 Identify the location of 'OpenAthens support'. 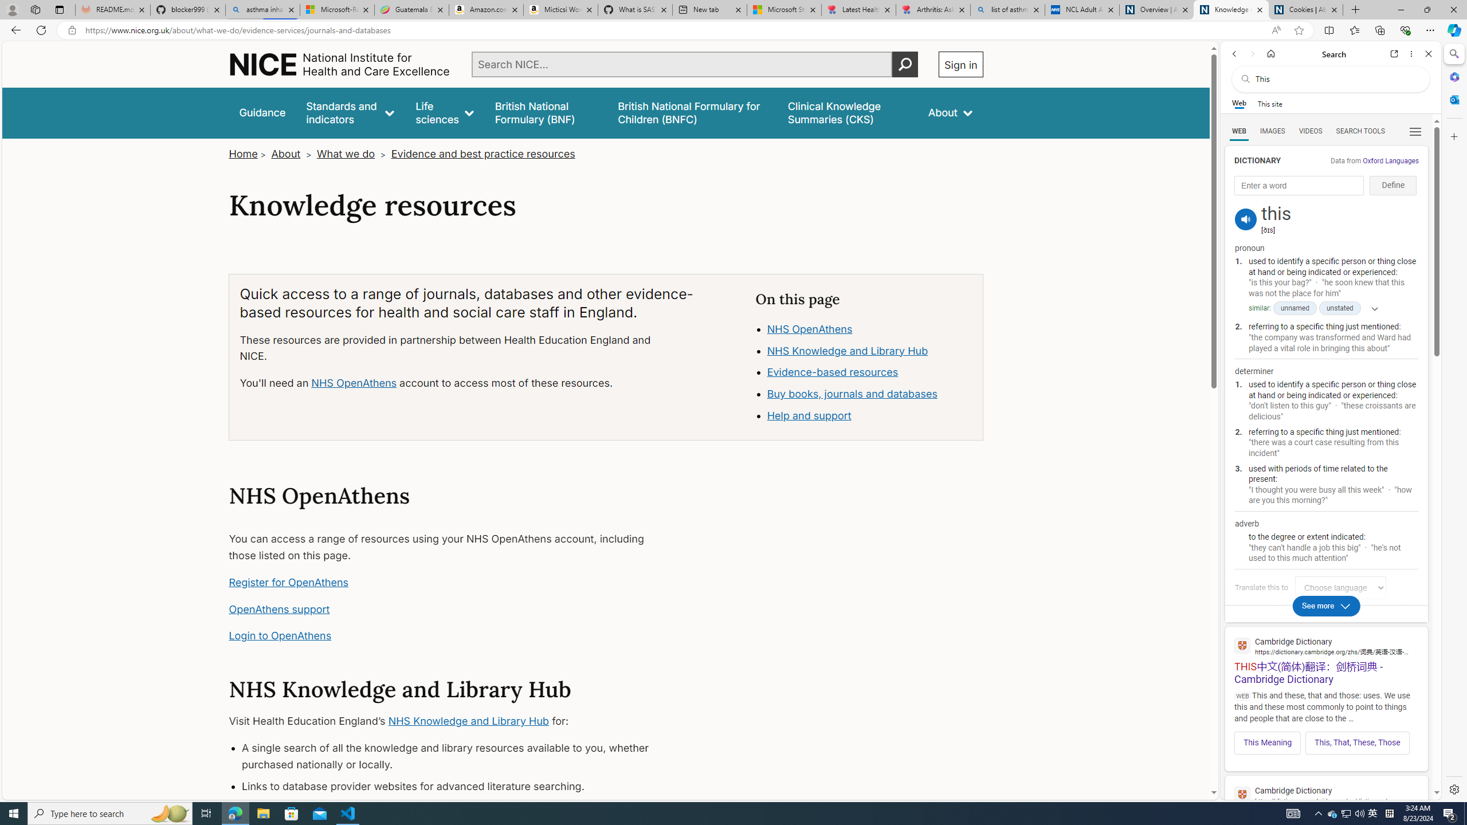
(279, 608).